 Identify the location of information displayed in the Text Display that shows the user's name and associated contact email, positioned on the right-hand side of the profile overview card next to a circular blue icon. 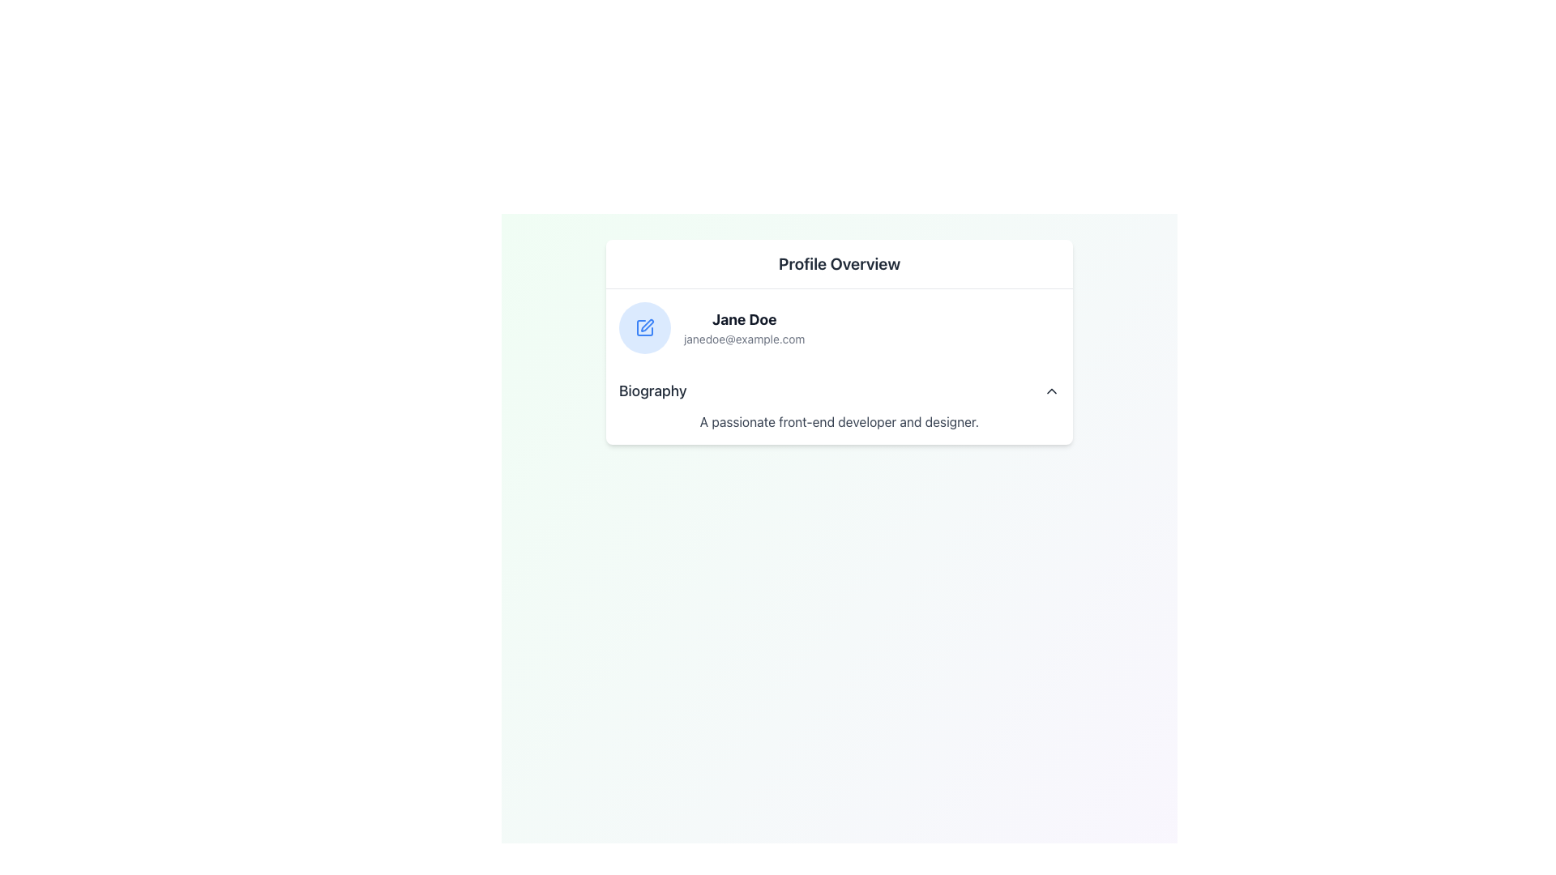
(743, 328).